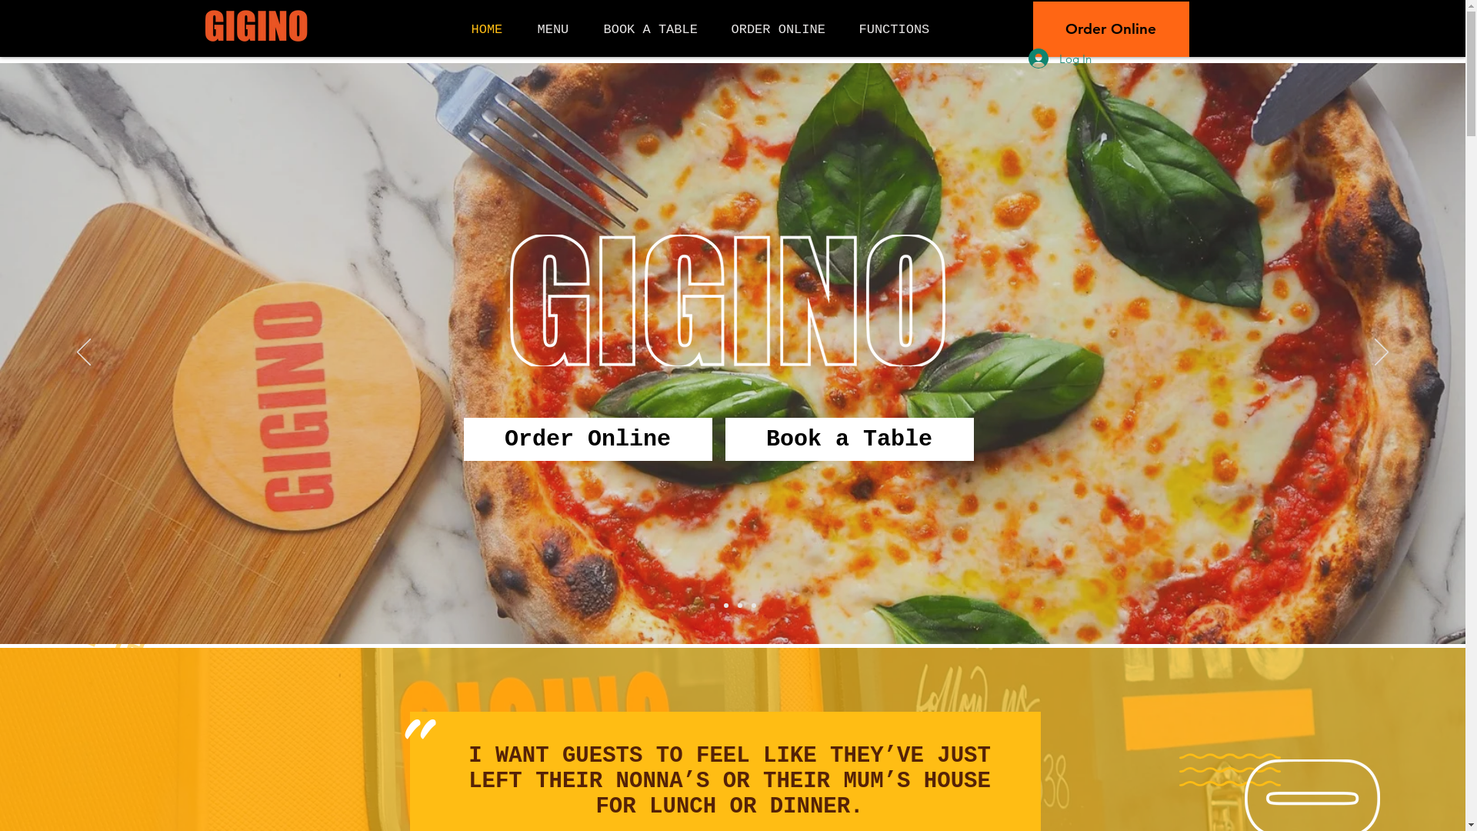  Describe the element at coordinates (900, 29) in the screenshot. I see `'FUNCTIONS'` at that location.